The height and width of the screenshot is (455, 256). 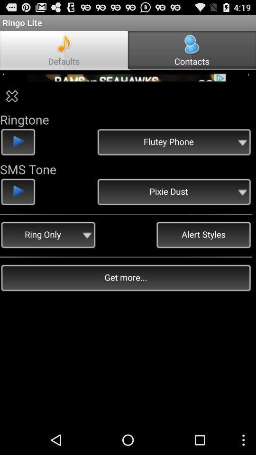 I want to click on the play icon, so click(x=18, y=206).